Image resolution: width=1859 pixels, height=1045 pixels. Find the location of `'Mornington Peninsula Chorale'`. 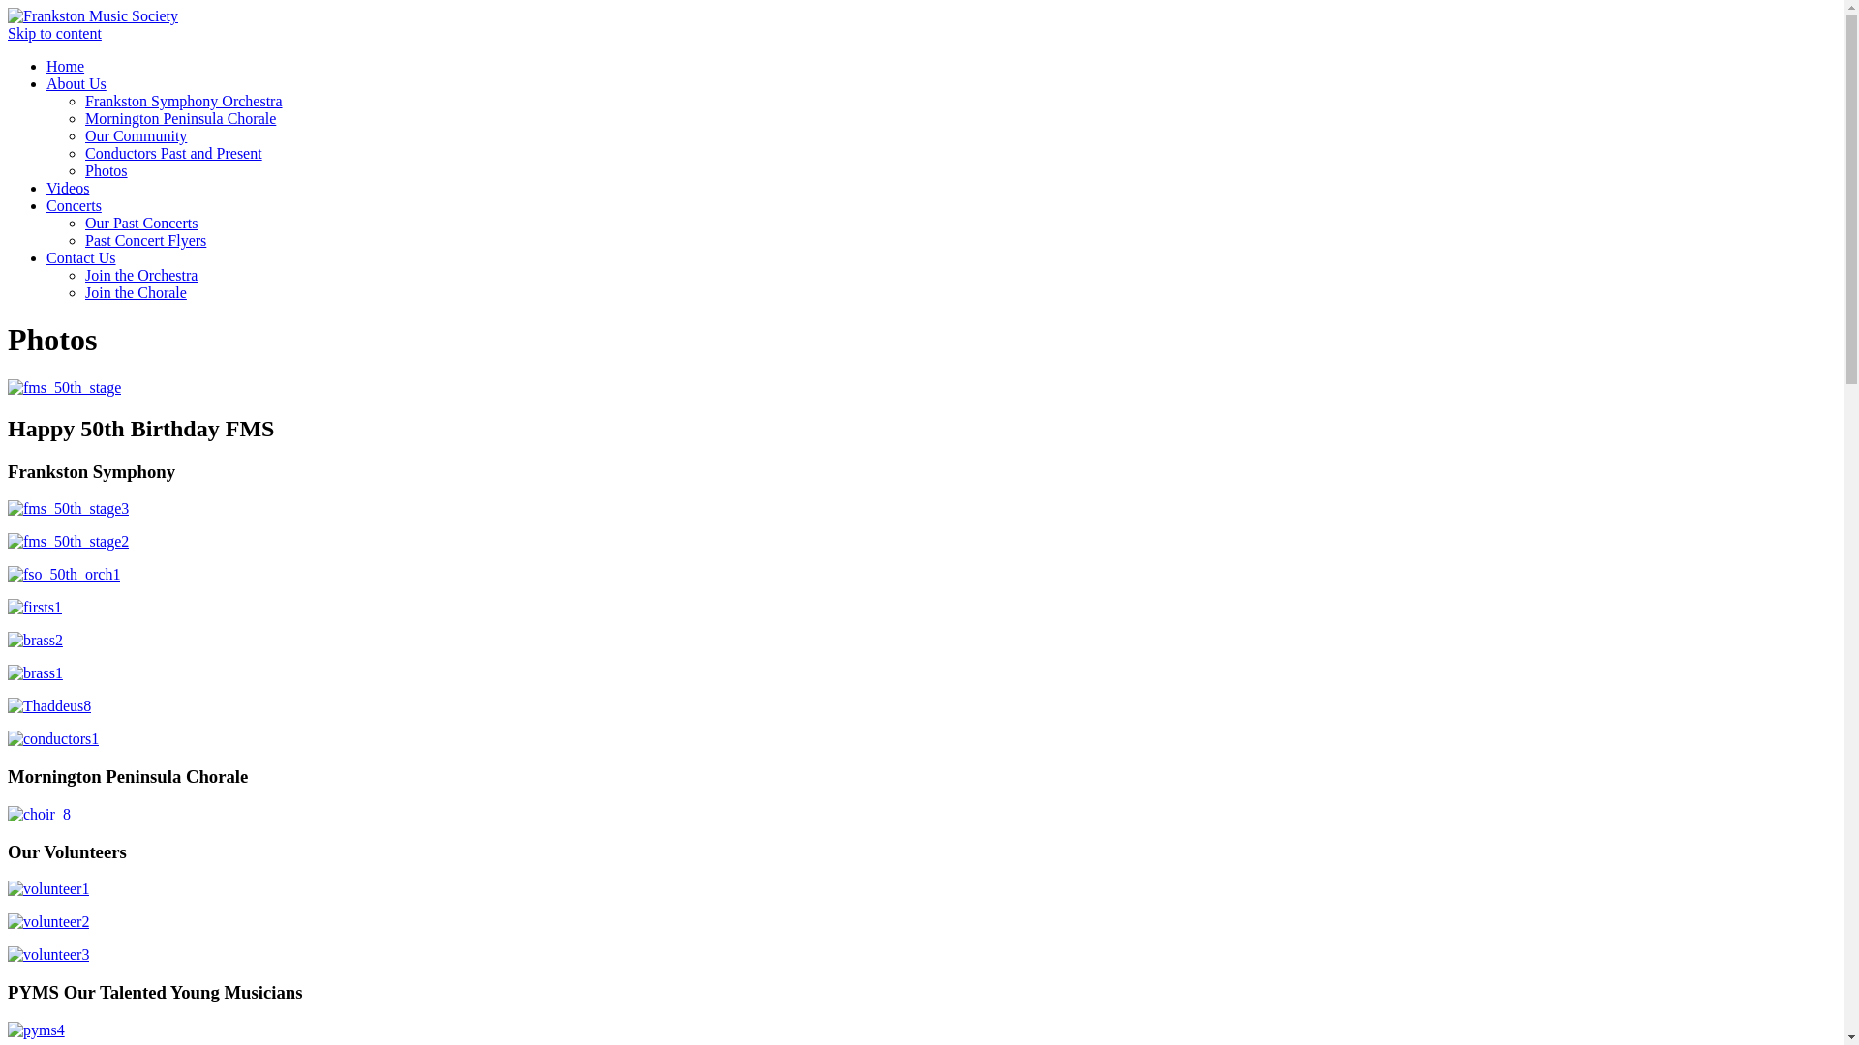

'Mornington Peninsula Chorale' is located at coordinates (180, 118).